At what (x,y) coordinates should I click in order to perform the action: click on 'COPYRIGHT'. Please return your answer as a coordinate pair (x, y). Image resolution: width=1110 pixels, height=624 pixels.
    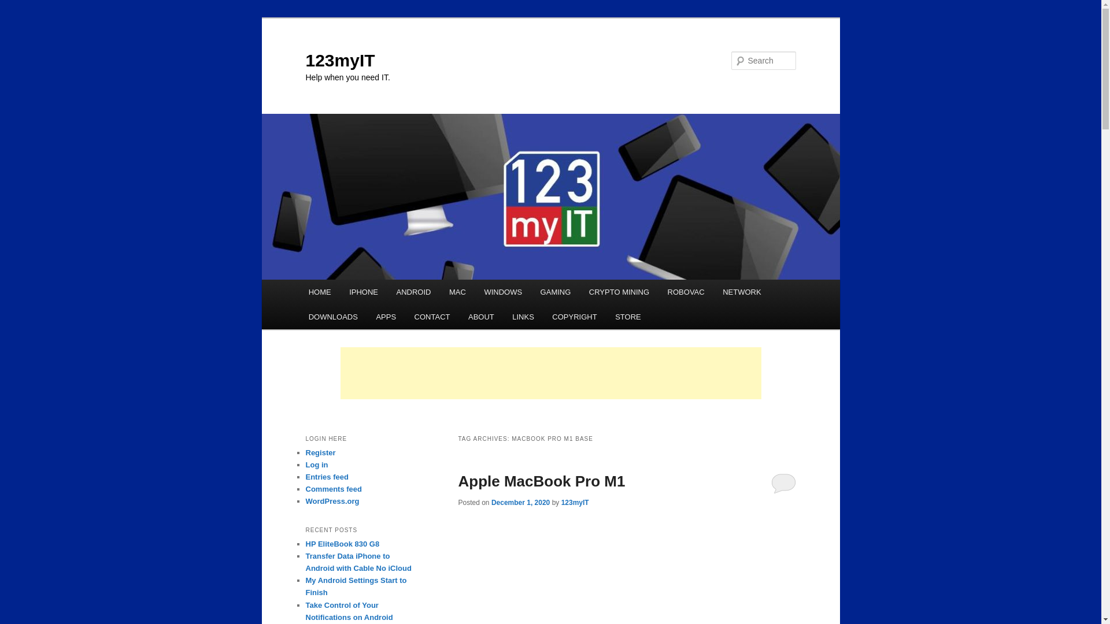
    Looking at the image, I should click on (543, 317).